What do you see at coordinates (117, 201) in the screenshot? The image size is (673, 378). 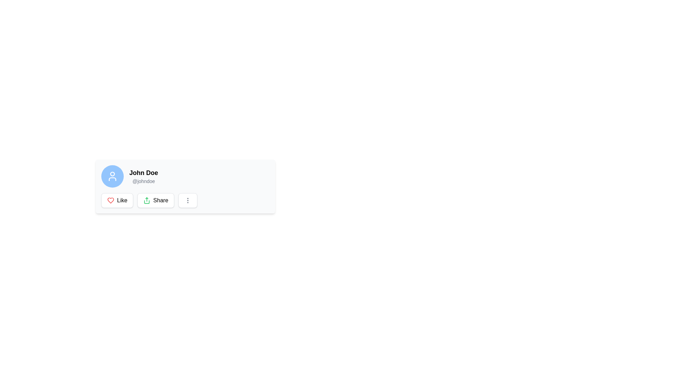 I see `the 'Like' button, which is a rectangular button with rounded corners, white background, gray-hover shadow, and contains a red heart icon followed by the text 'Like'. It is the first button among three interactive buttons below the user profile section` at bounding box center [117, 201].